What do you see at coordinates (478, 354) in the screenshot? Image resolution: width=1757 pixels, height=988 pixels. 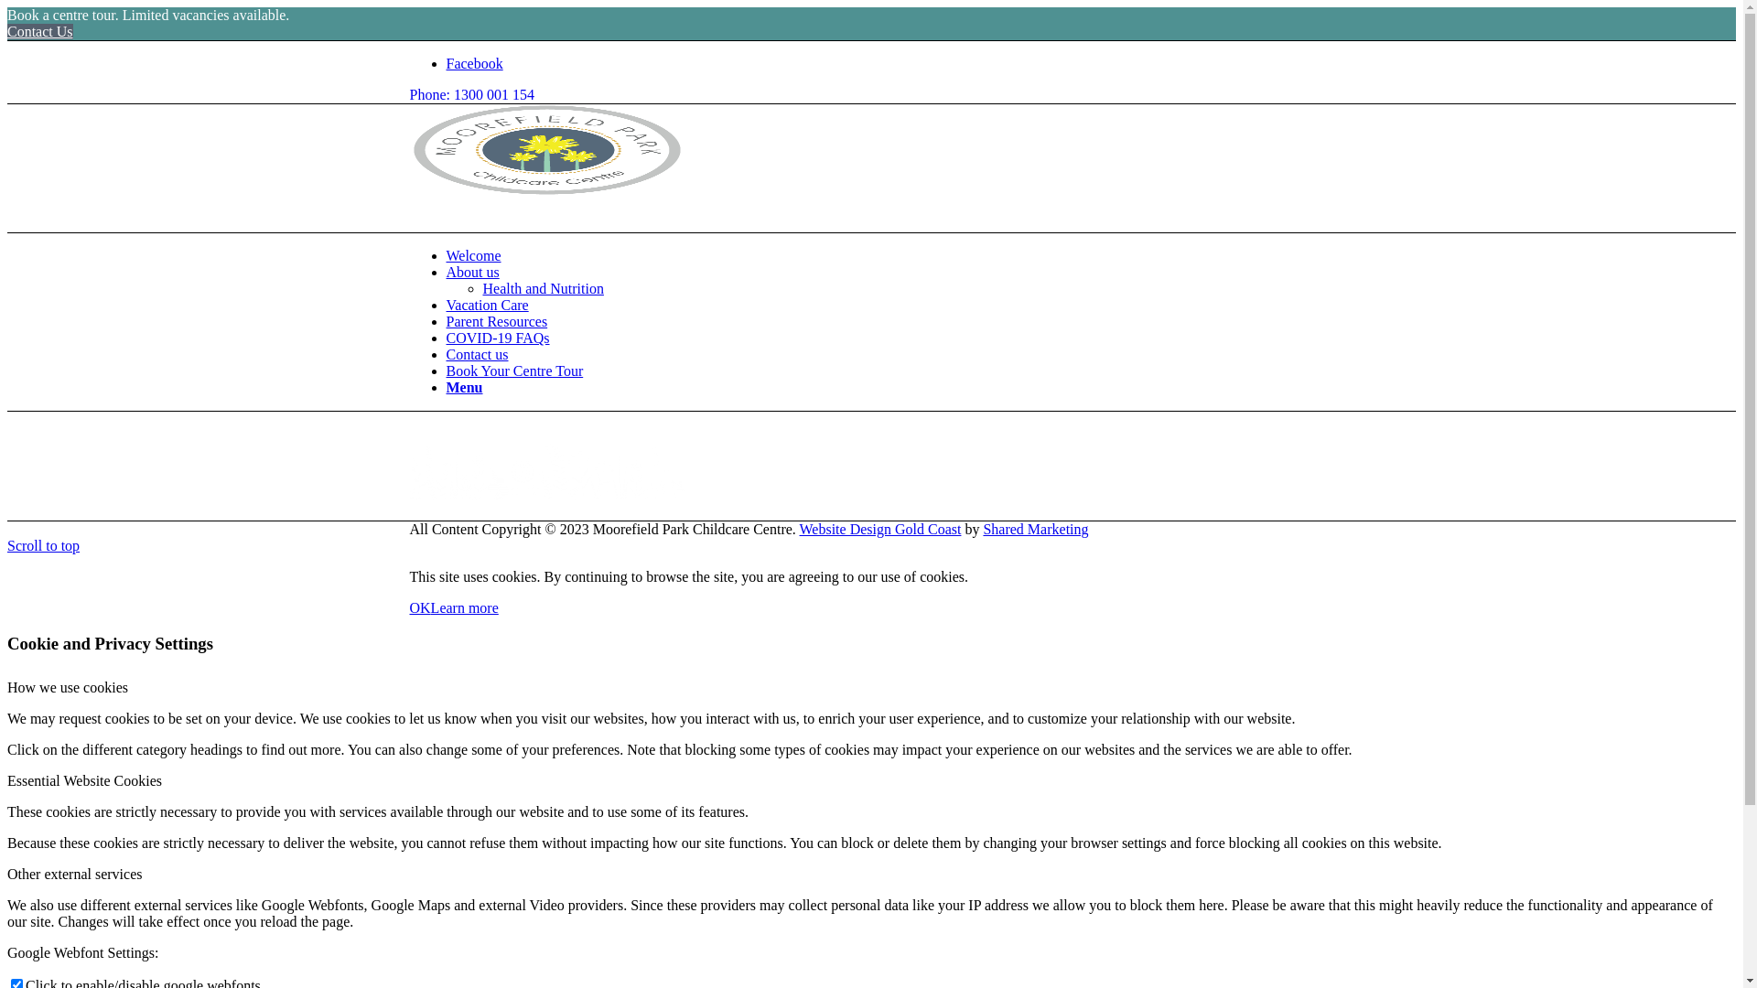 I see `'Contact us'` at bounding box center [478, 354].